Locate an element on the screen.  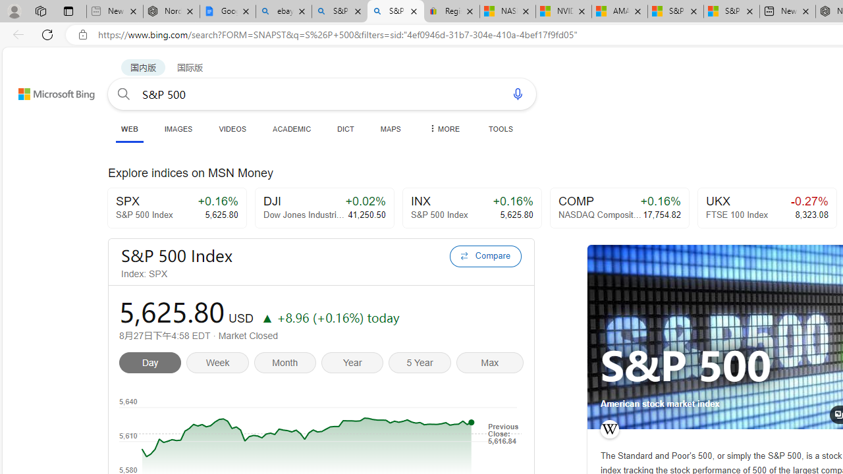
'ebay - Search' is located at coordinates (283, 11).